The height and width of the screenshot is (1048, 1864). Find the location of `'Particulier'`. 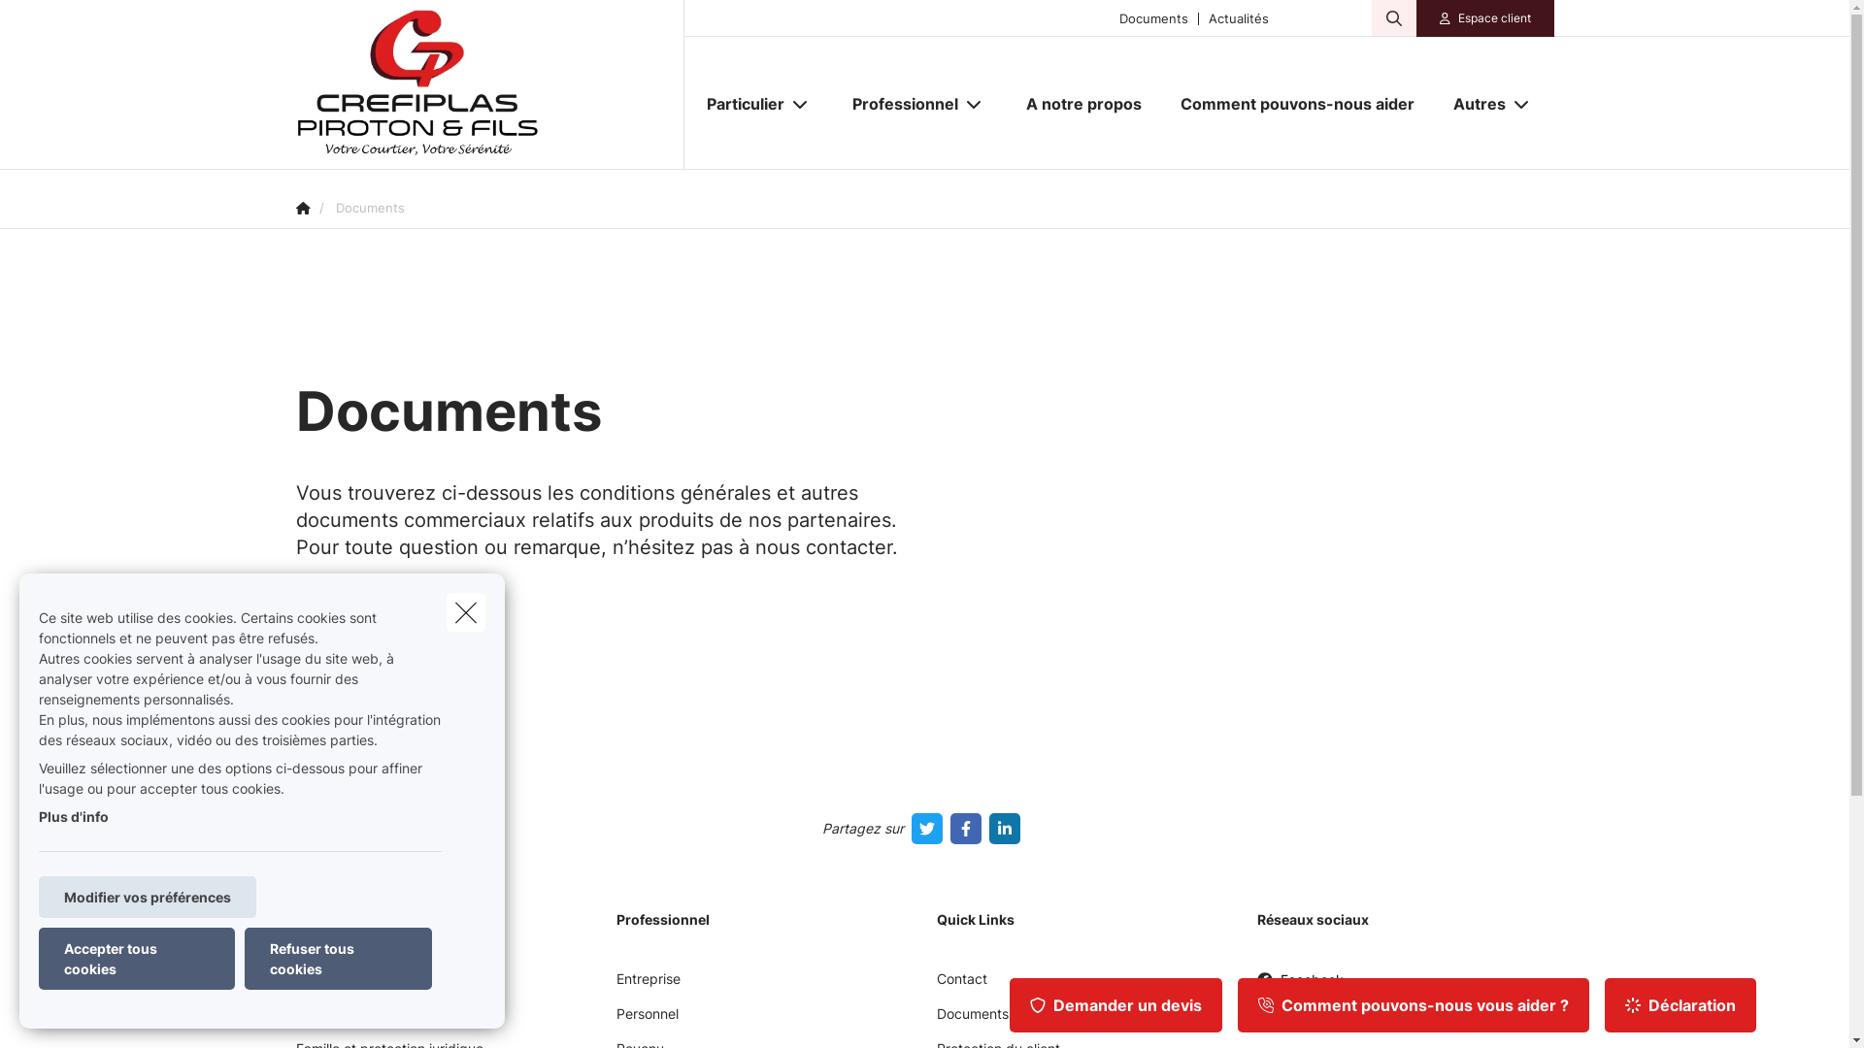

'Particulier' is located at coordinates (687, 104).